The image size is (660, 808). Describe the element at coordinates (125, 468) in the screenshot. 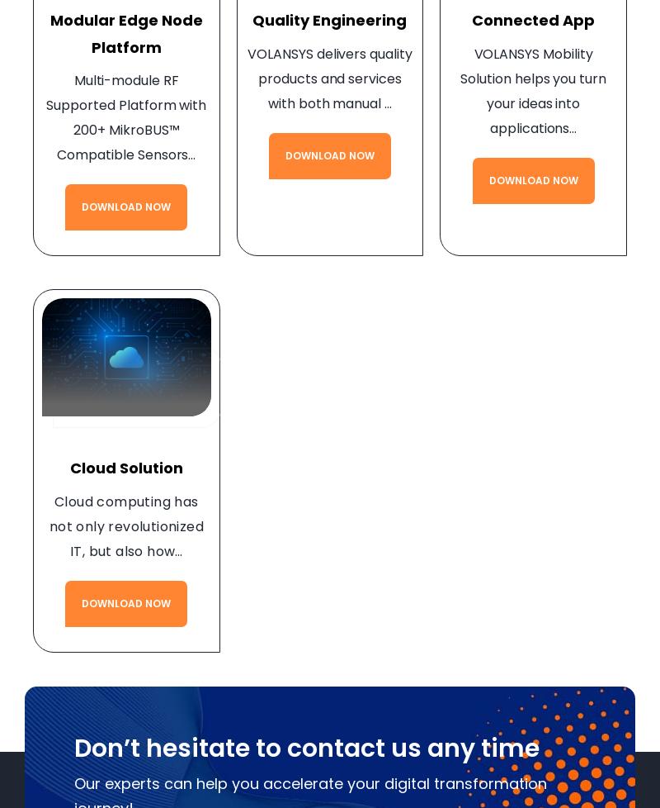

I see `'Cloud Solution'` at that location.